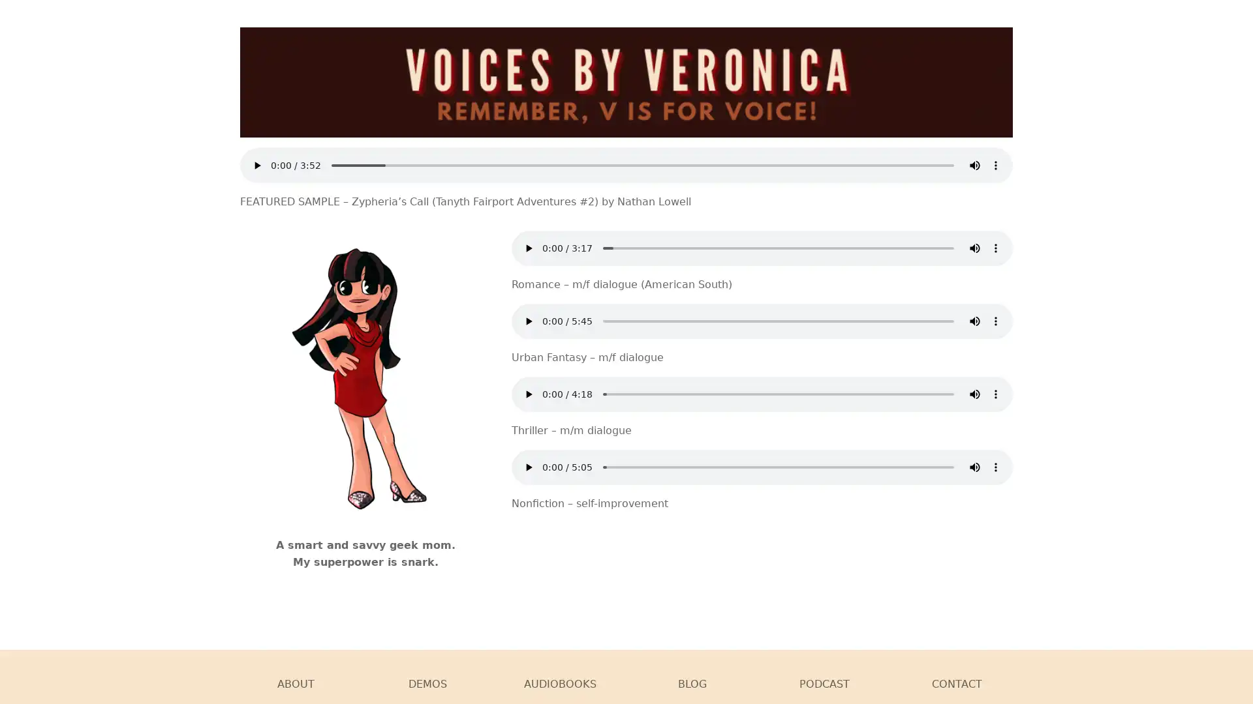  What do you see at coordinates (529, 394) in the screenshot?
I see `play` at bounding box center [529, 394].